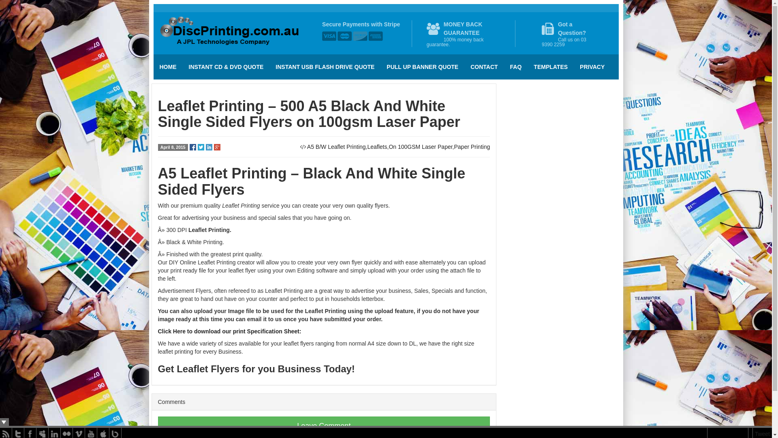 The image size is (778, 438). I want to click on 'CONTACT', so click(484, 67).